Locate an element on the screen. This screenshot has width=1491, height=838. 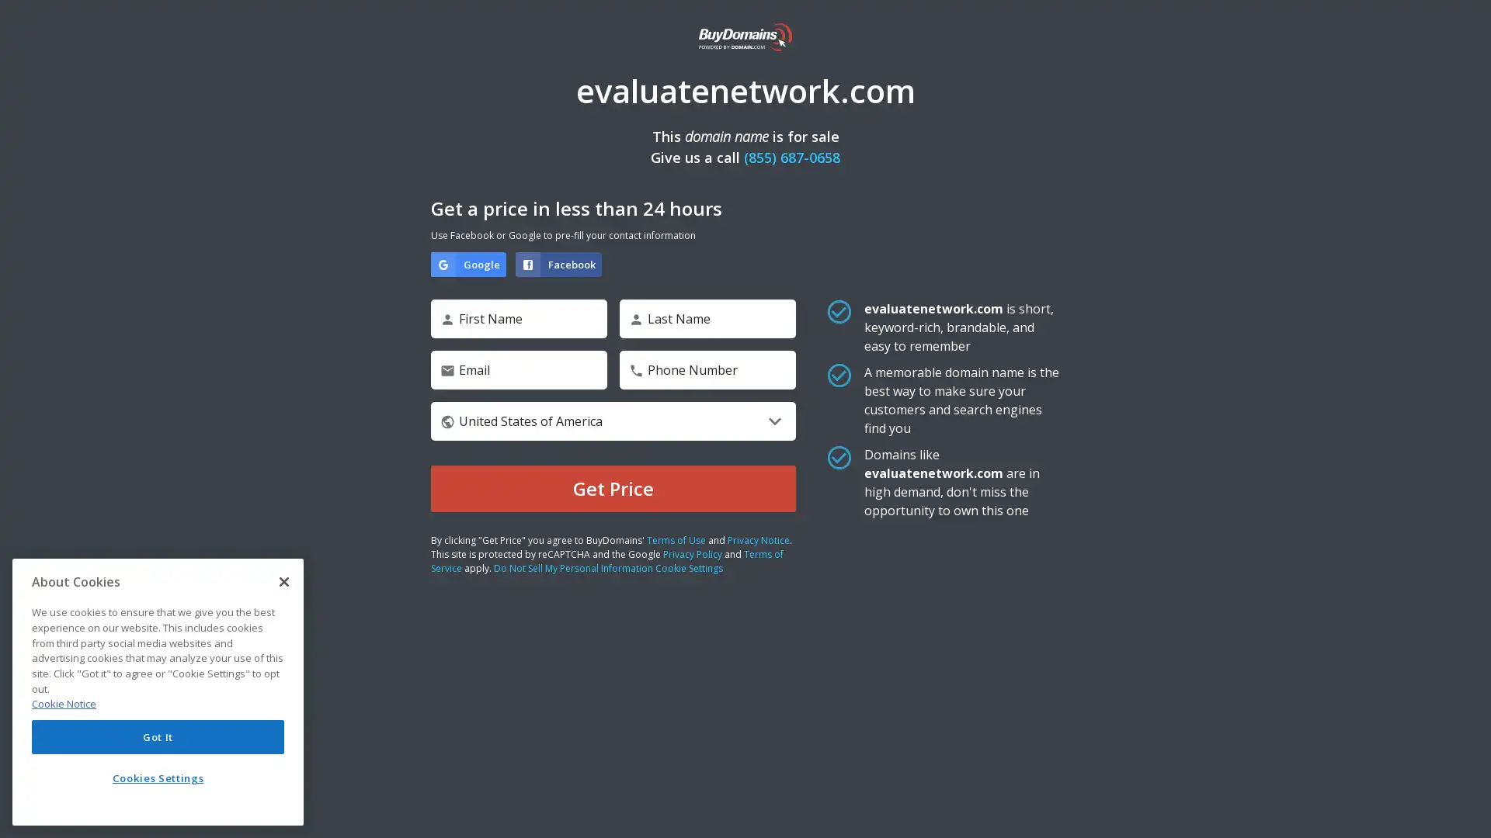
Facebook is located at coordinates (558, 263).